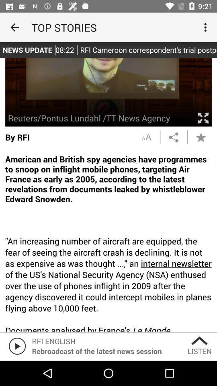 The width and height of the screenshot is (217, 386). I want to click on arrow above listen, so click(199, 340).